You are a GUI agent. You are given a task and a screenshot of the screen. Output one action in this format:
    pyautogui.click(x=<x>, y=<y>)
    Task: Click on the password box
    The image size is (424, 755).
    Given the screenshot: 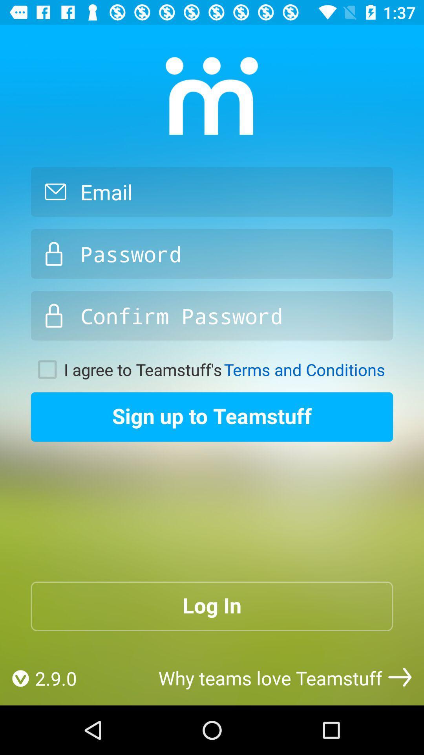 What is the action you would take?
    pyautogui.click(x=212, y=254)
    